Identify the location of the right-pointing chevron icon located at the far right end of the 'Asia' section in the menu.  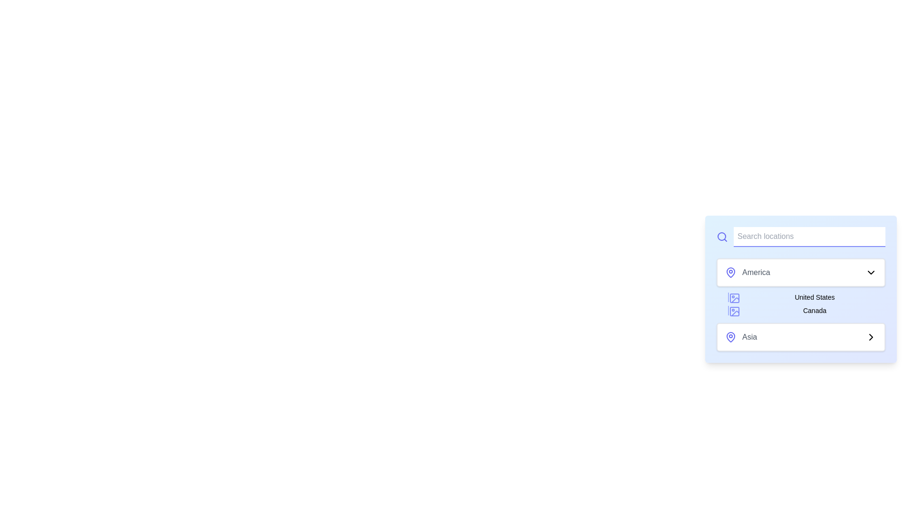
(871, 336).